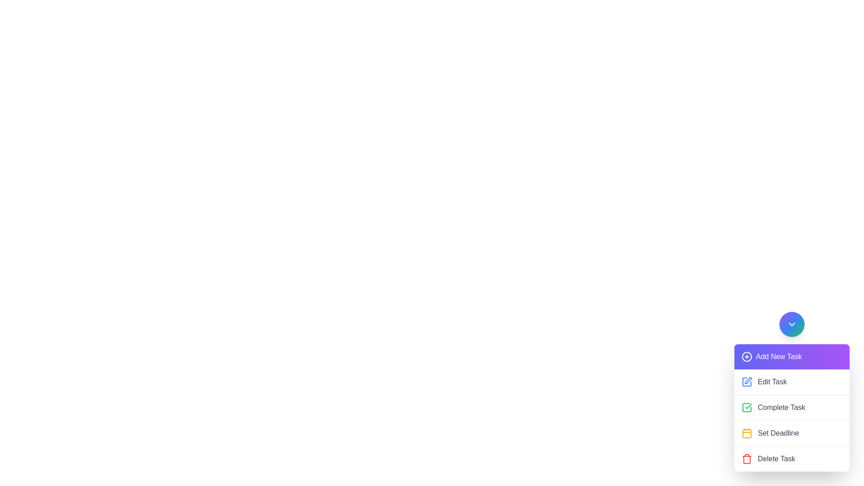  Describe the element at coordinates (772, 382) in the screenshot. I see `the 'Edit Task' text label in the drop-down menu, which is styled in gray and positioned next to a blue pen icon` at that location.